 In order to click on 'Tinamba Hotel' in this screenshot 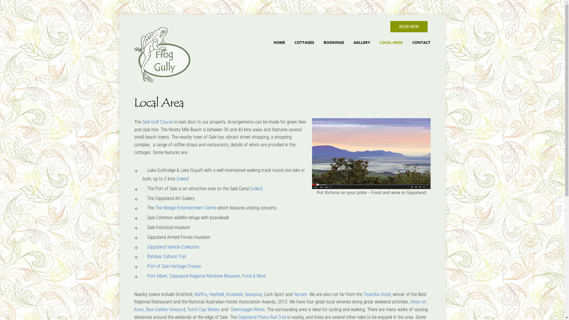, I will do `click(363, 294)`.